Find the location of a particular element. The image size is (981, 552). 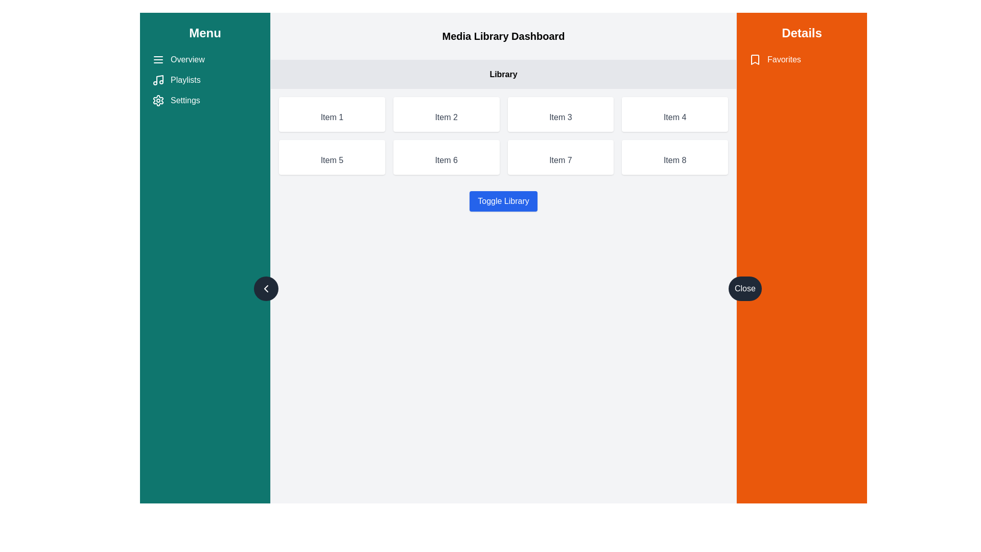

the display card labeled 'Item 7' in the library interface, which is located in the second row and third column of the grid layout is located at coordinates (560, 157).